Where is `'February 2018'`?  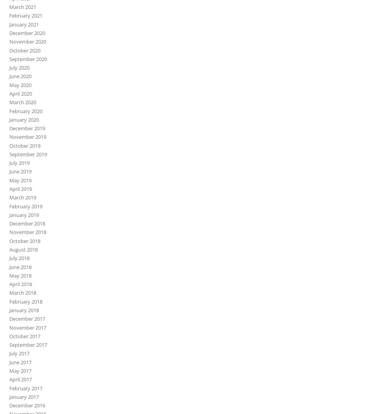 'February 2018' is located at coordinates (26, 301).